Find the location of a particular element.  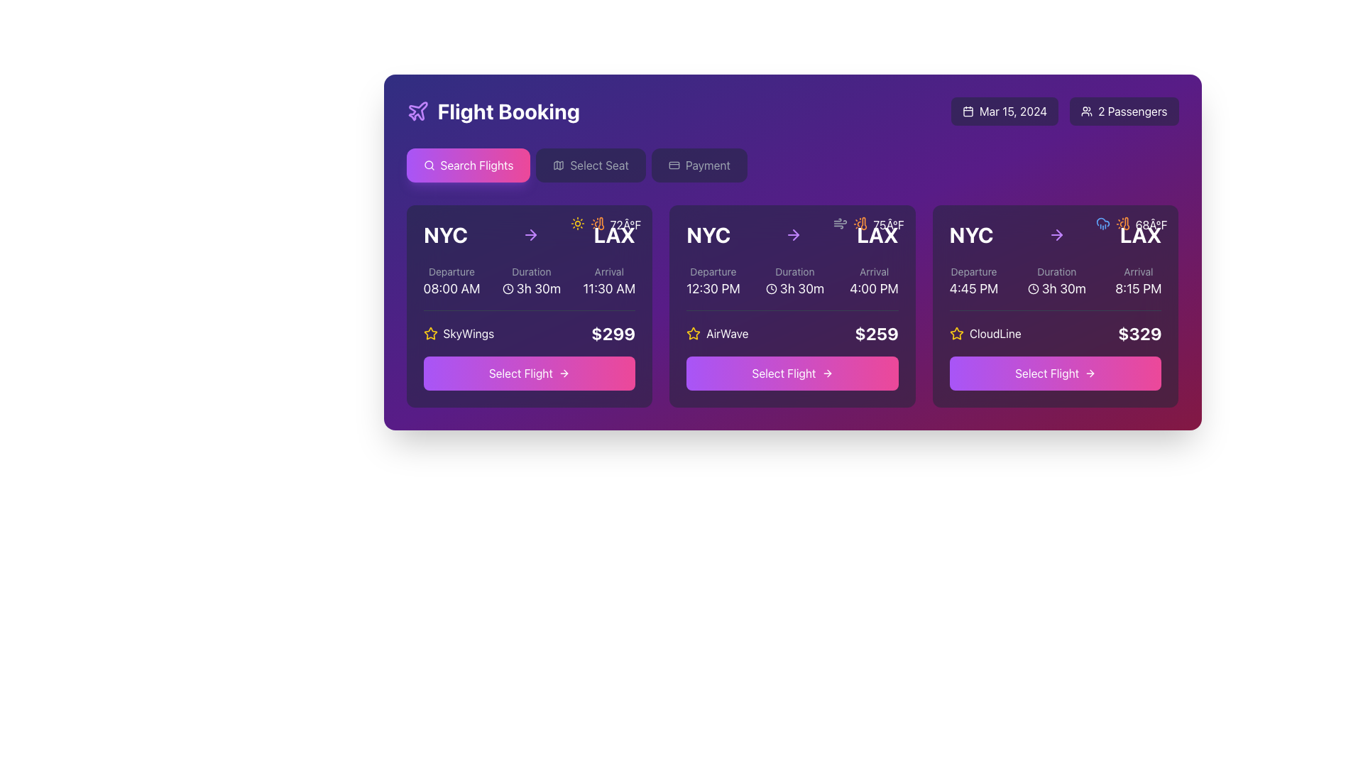

the 'Departure' text label, which is a small, gray font positioned above a darker background in the second card of flight booking options, to understand the departure time context is located at coordinates (713, 271).